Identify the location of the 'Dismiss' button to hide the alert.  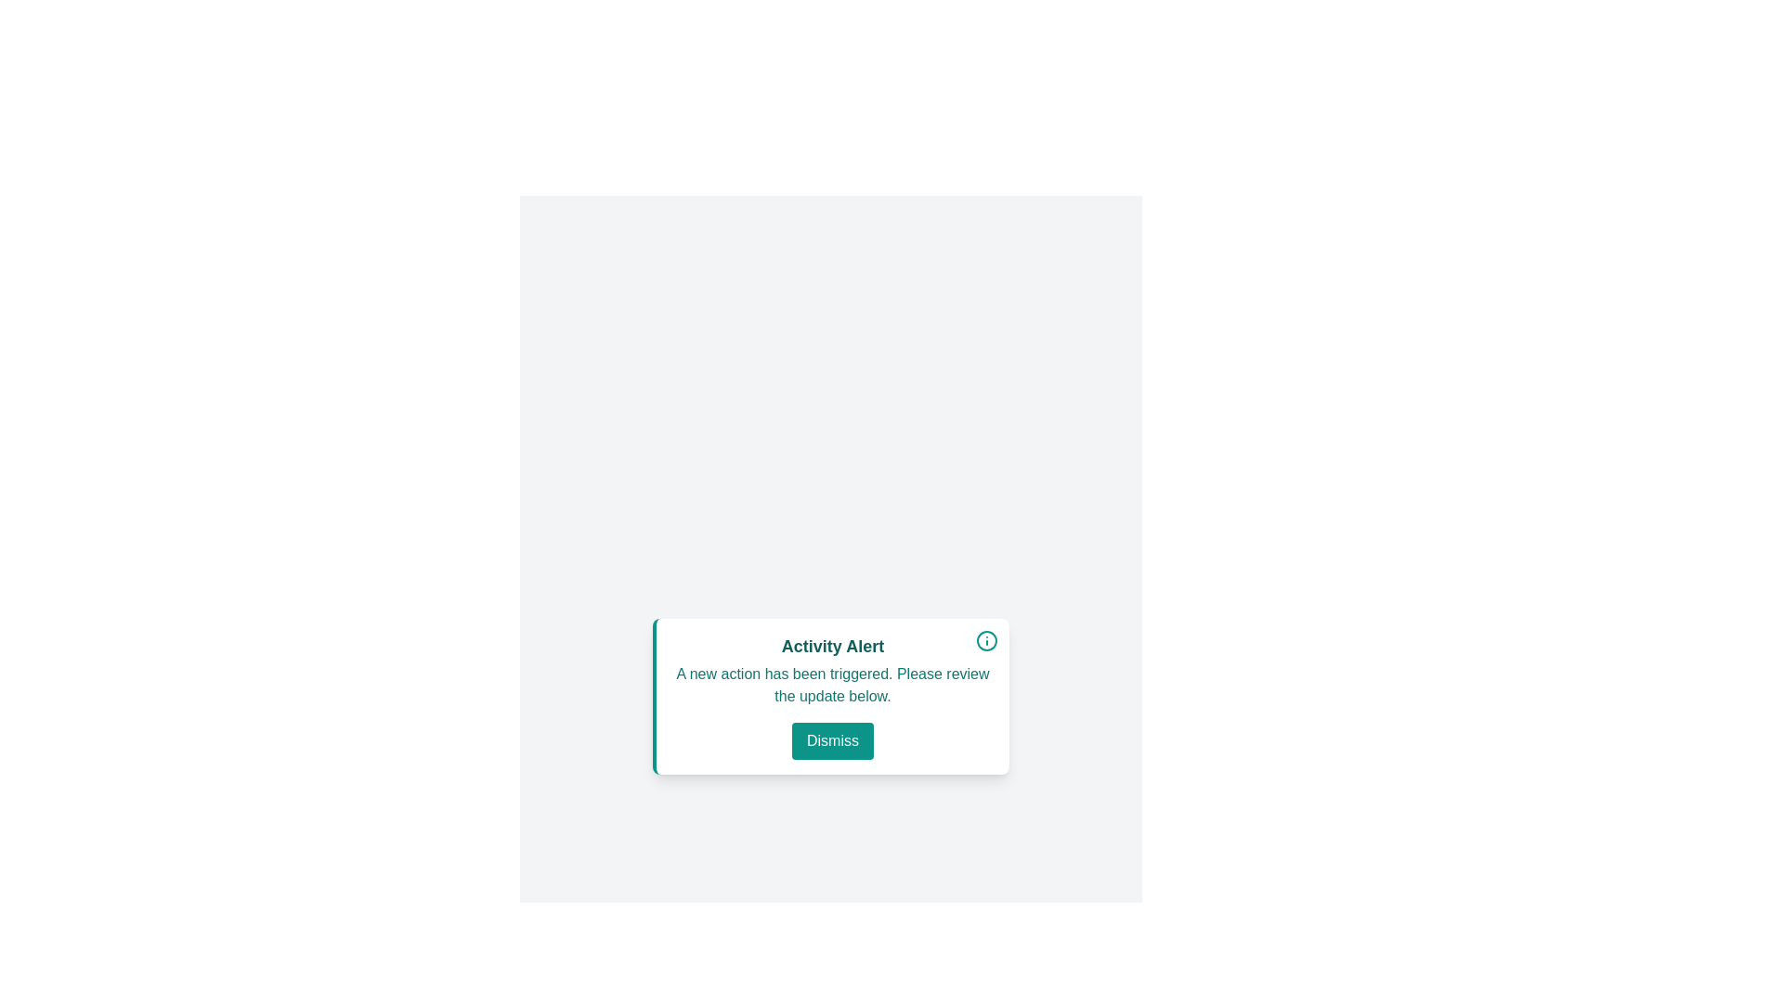
(832, 739).